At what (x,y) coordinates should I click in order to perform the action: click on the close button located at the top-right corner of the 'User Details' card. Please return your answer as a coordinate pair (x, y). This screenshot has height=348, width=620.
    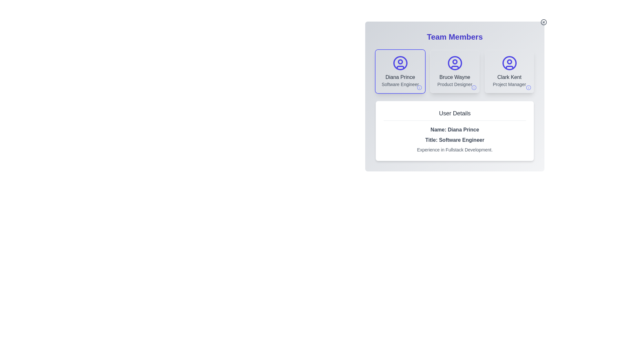
    Looking at the image, I should click on (543, 22).